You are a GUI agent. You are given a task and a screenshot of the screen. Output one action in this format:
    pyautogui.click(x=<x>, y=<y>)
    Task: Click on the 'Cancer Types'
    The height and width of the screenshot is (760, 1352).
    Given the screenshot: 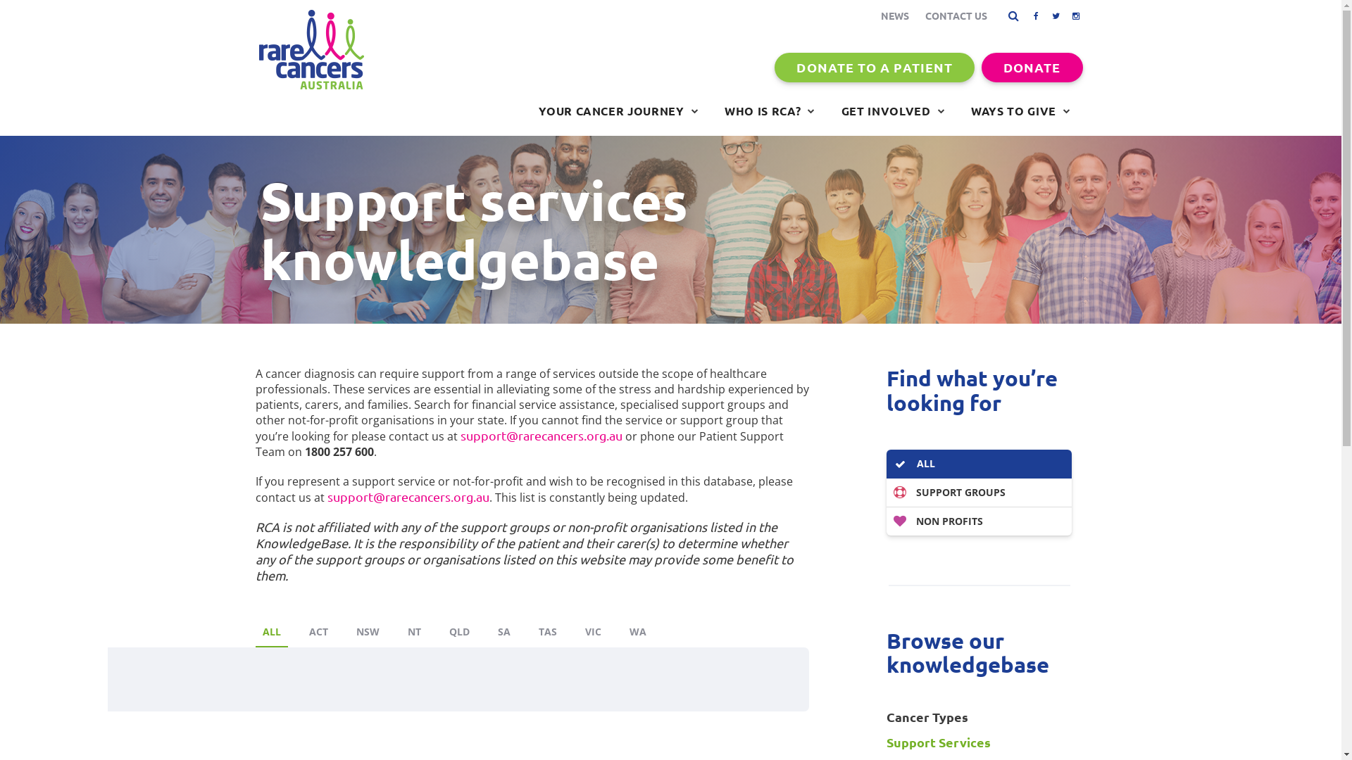 What is the action you would take?
    pyautogui.click(x=978, y=716)
    